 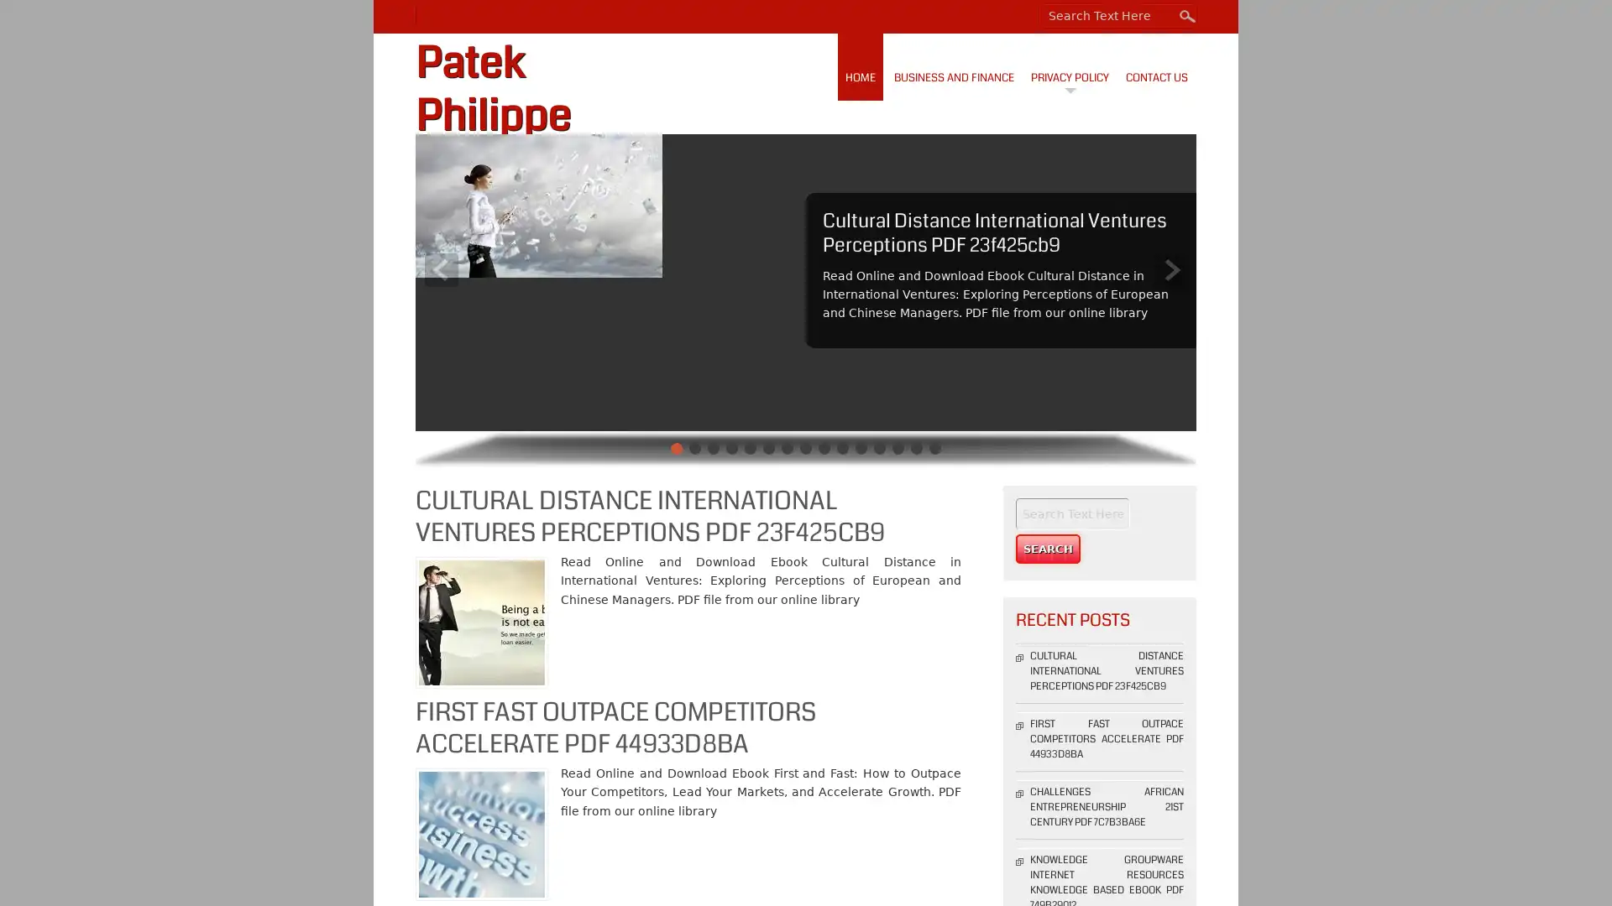 What do you see at coordinates (1047, 549) in the screenshot?
I see `Search` at bounding box center [1047, 549].